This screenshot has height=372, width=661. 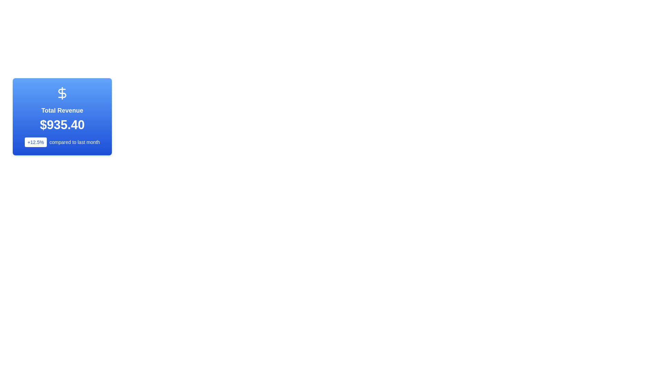 What do you see at coordinates (62, 142) in the screenshot?
I see `the textual display component showing the percentage '+12.5%' next to the phrase 'compared to last month' within the blue card at the bottom section of the card containing 'Total Revenue $935.40'` at bounding box center [62, 142].